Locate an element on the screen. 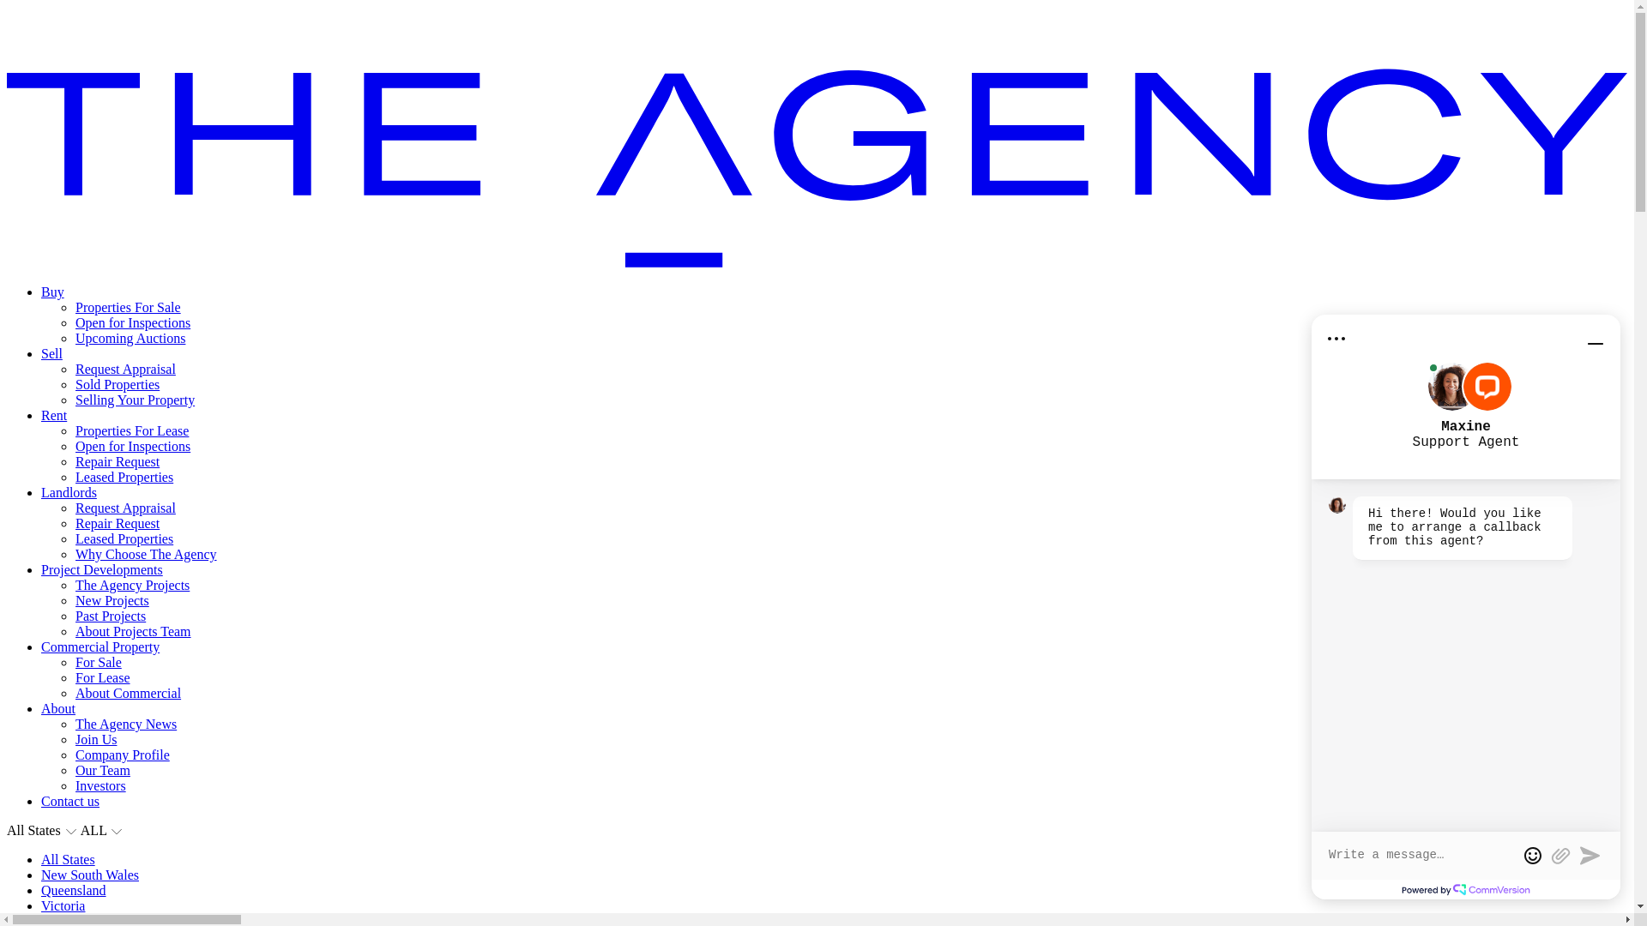  'About Projects Team' is located at coordinates (132, 631).